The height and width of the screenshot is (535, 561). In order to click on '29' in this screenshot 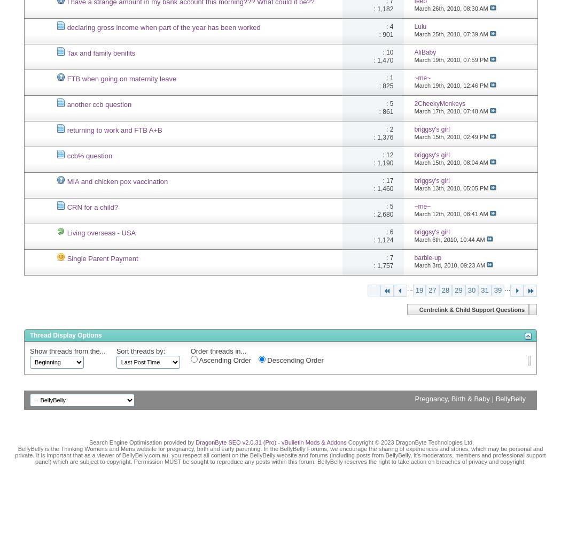, I will do `click(458, 289)`.